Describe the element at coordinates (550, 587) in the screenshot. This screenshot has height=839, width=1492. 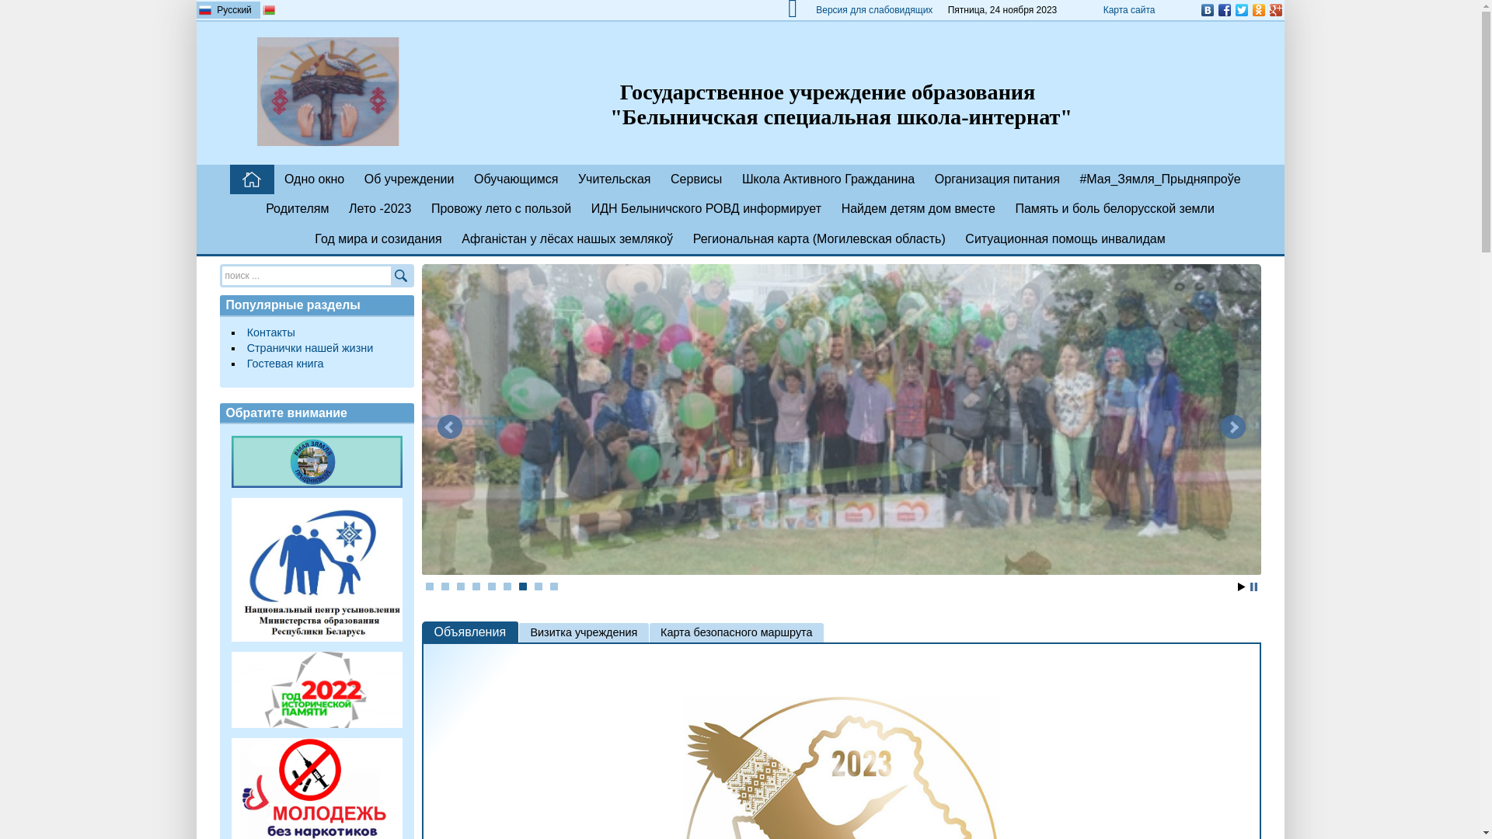
I see `'9'` at that location.